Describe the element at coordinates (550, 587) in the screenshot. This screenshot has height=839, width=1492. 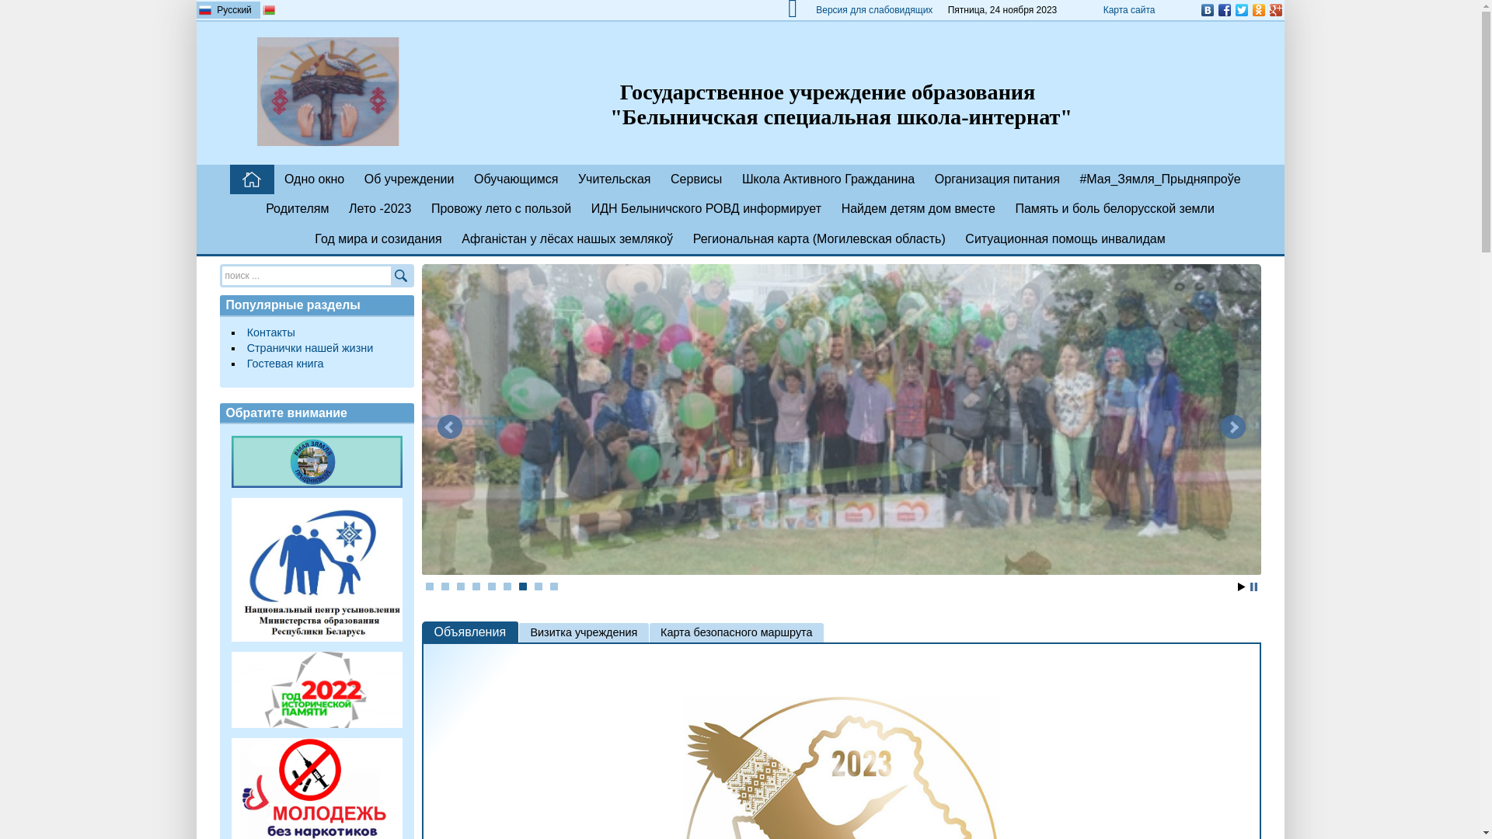
I see `'9'` at that location.